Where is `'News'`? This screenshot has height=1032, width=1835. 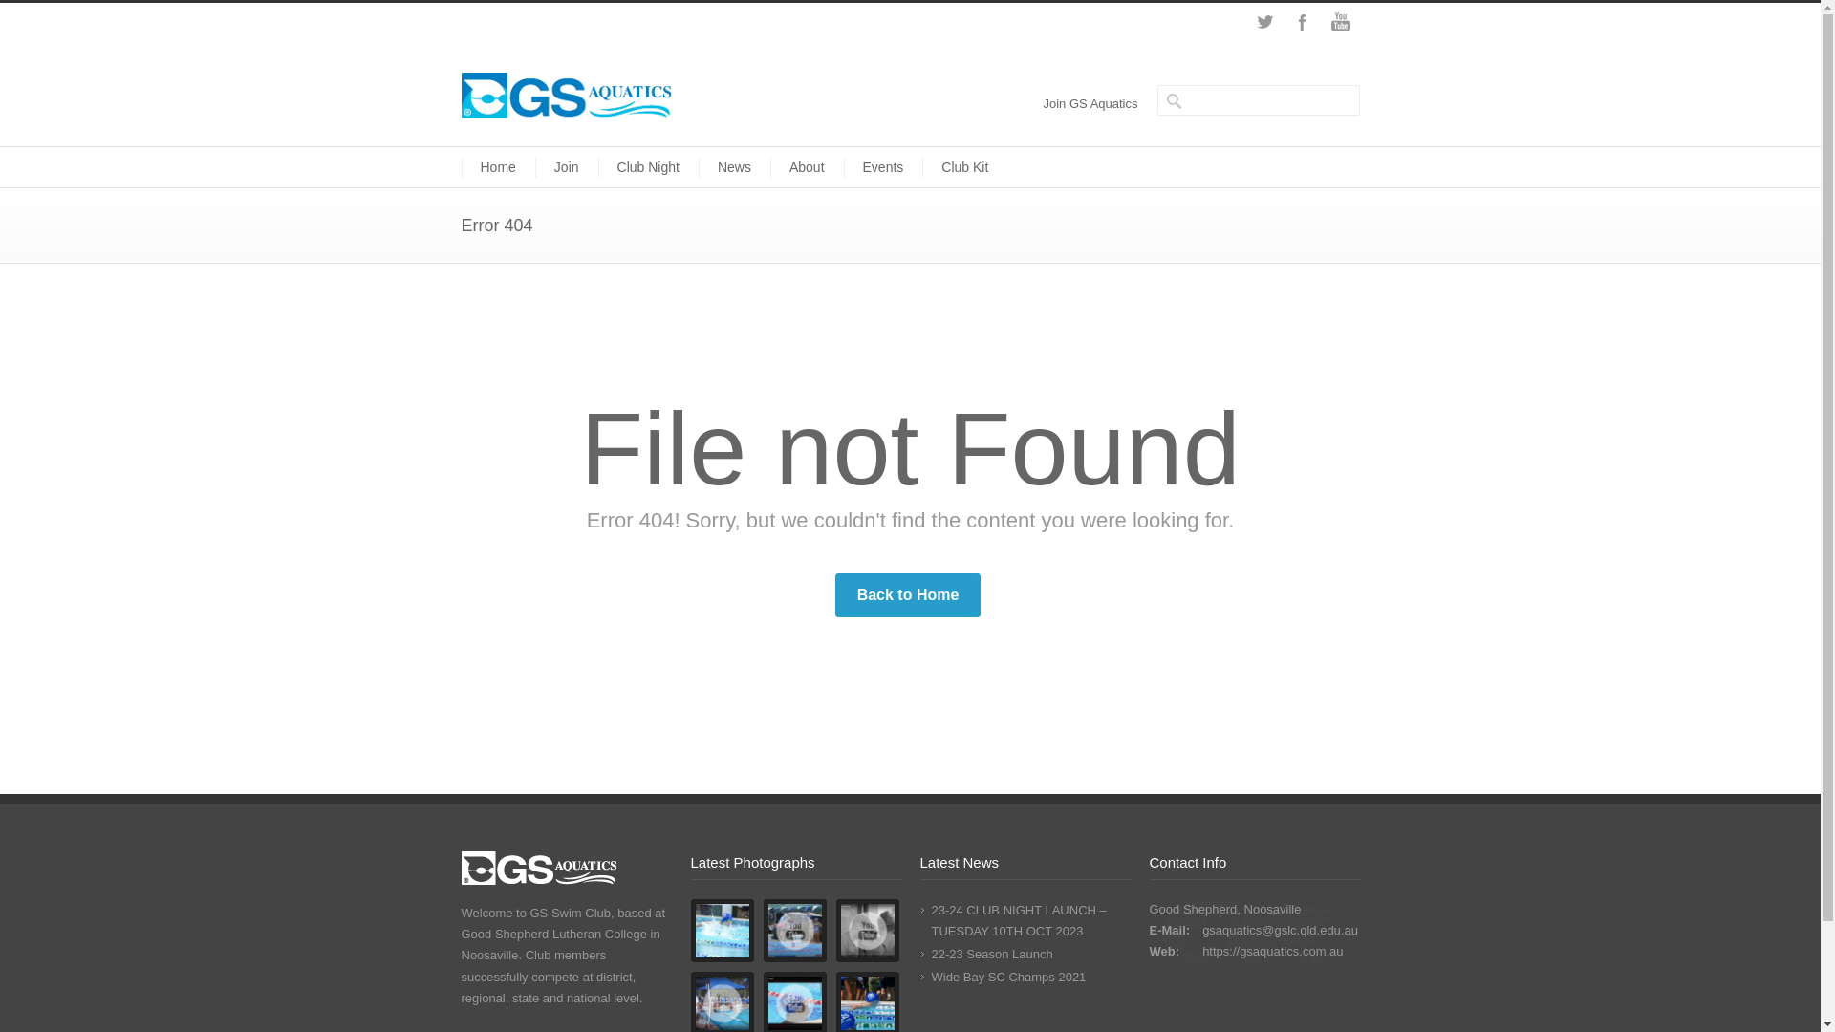
'News' is located at coordinates (733, 165).